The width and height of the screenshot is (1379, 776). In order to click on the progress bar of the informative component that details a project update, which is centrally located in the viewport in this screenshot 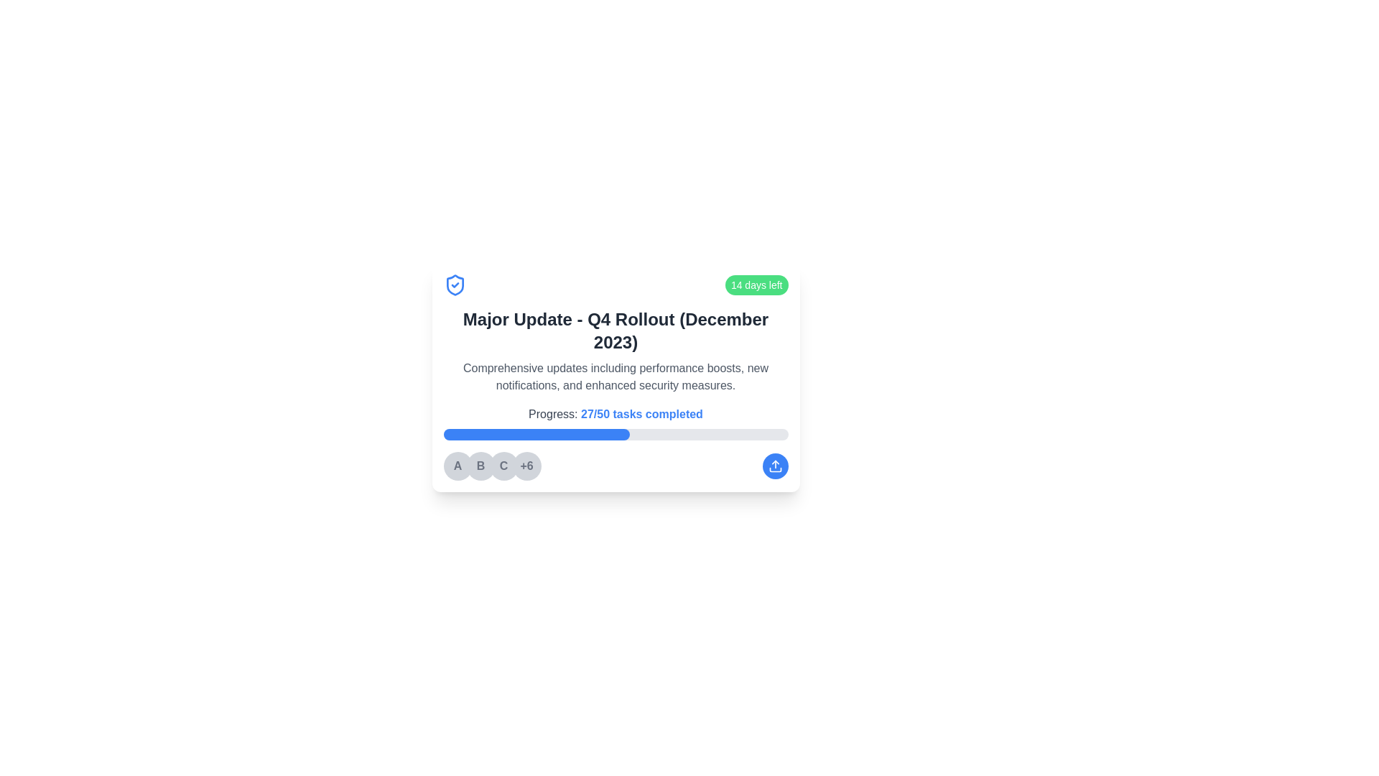, I will do `click(616, 376)`.